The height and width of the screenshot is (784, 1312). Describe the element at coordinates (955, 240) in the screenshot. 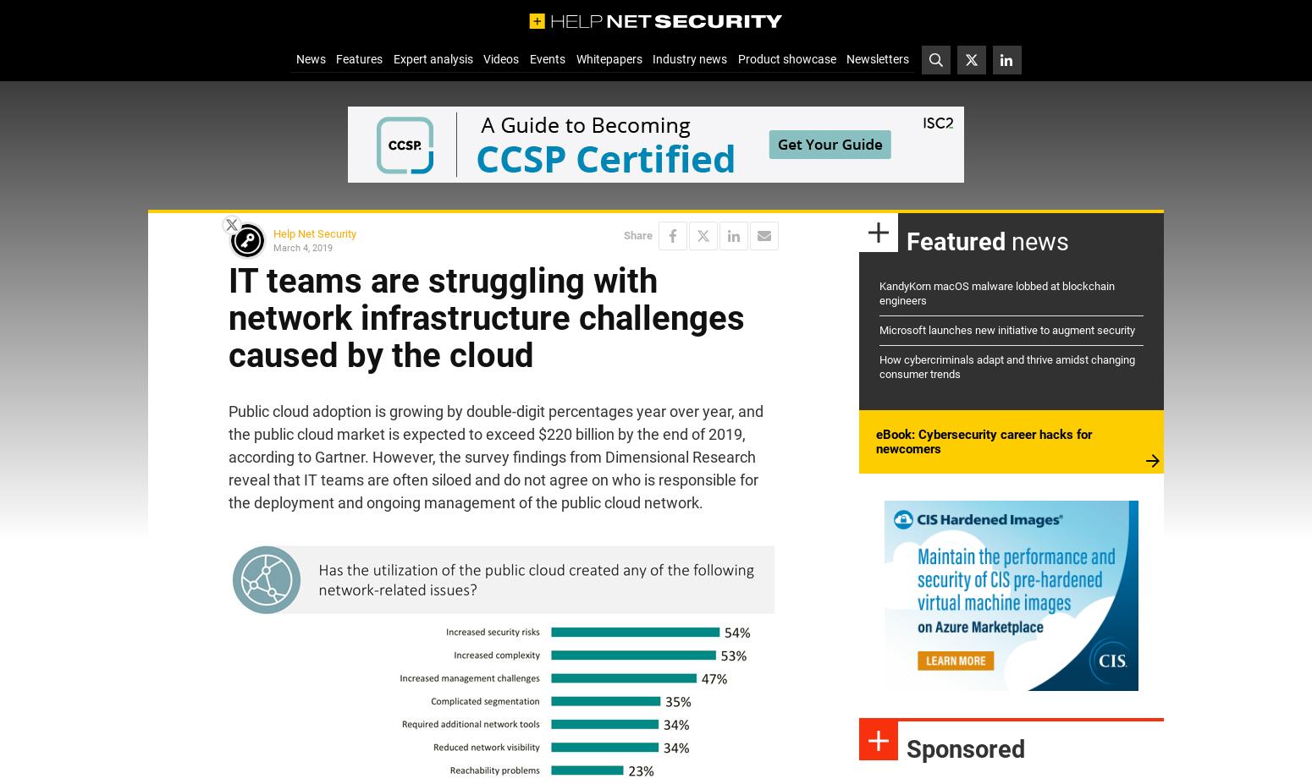

I see `'Featured'` at that location.